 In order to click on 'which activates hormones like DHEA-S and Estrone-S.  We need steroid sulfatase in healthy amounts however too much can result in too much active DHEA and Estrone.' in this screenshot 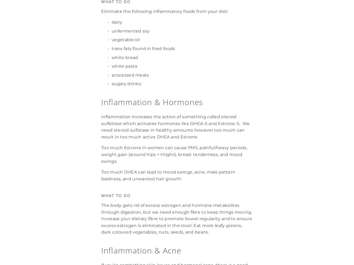, I will do `click(176, 129)`.